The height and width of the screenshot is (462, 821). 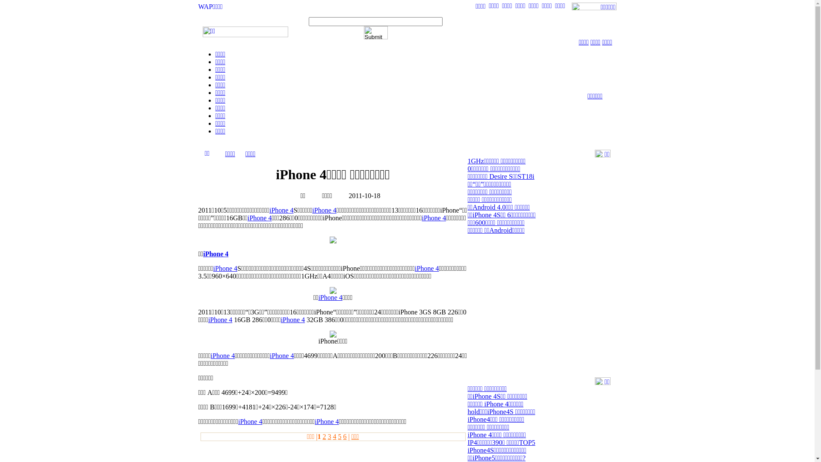 What do you see at coordinates (339, 436) in the screenshot?
I see `'5'` at bounding box center [339, 436].